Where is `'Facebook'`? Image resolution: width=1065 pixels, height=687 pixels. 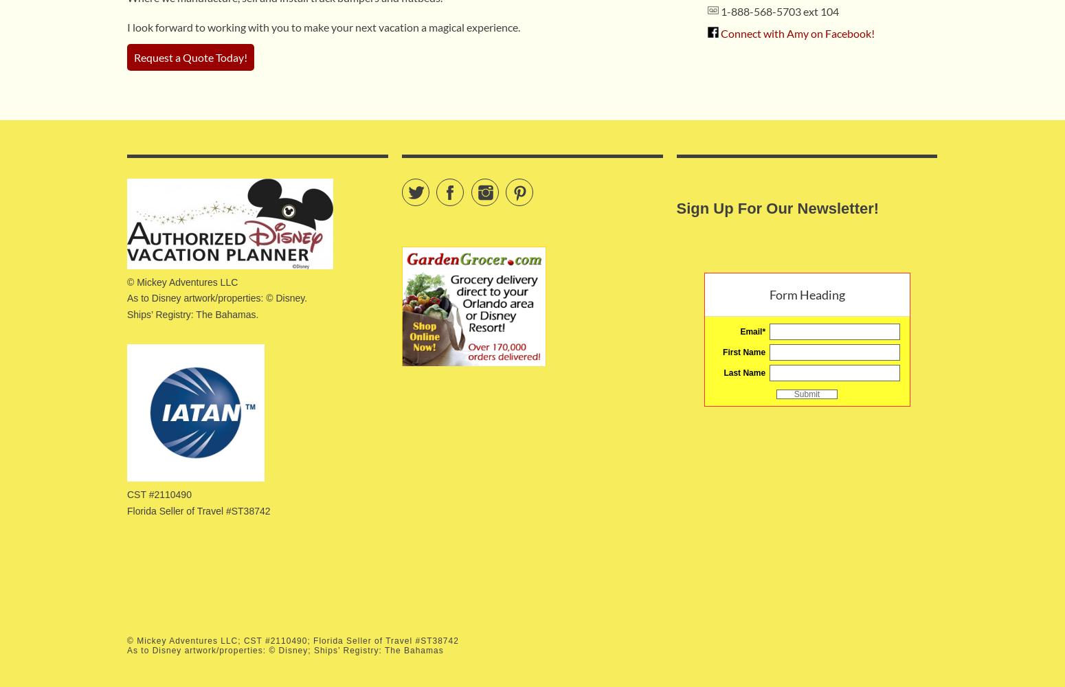 'Facebook' is located at coordinates (462, 185).